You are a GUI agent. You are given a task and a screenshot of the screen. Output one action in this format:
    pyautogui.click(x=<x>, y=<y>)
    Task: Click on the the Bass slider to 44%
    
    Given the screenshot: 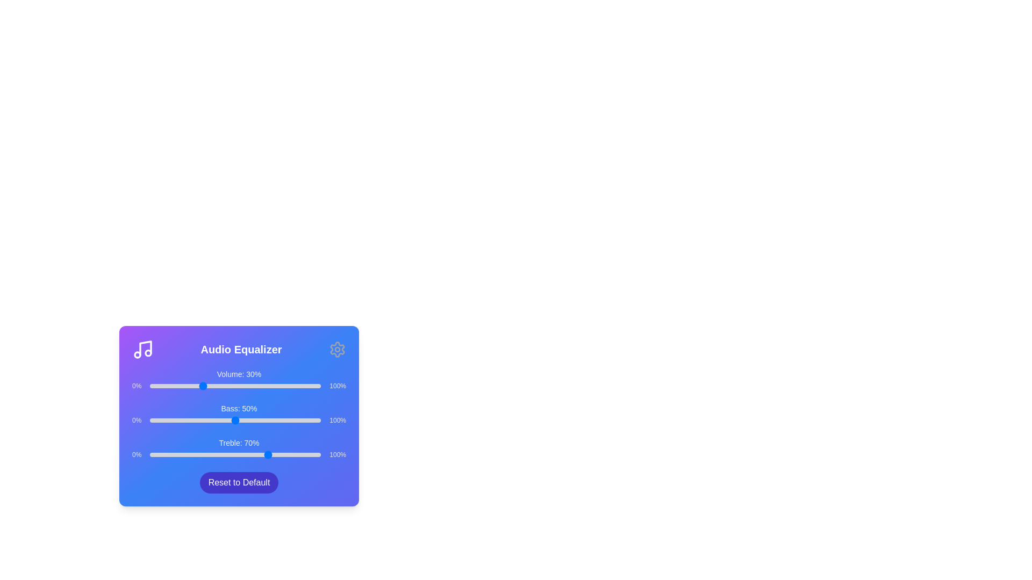 What is the action you would take?
    pyautogui.click(x=225, y=420)
    